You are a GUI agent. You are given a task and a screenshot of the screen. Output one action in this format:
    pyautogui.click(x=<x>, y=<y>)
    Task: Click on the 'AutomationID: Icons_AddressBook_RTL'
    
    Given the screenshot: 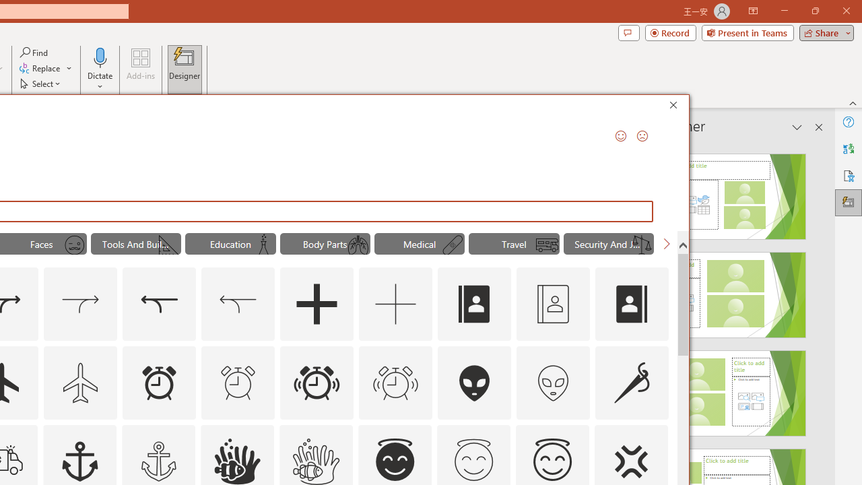 What is the action you would take?
    pyautogui.click(x=631, y=304)
    